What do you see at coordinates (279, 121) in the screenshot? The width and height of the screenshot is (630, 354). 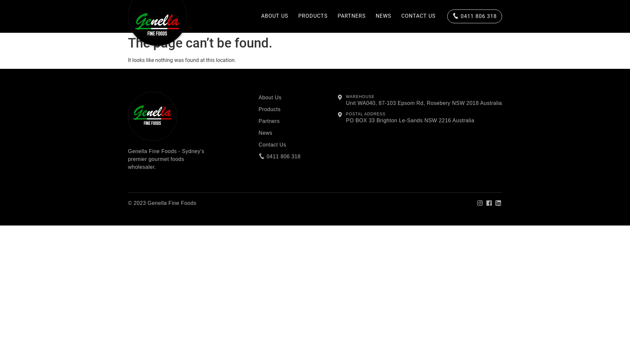 I see `'Partners'` at bounding box center [279, 121].